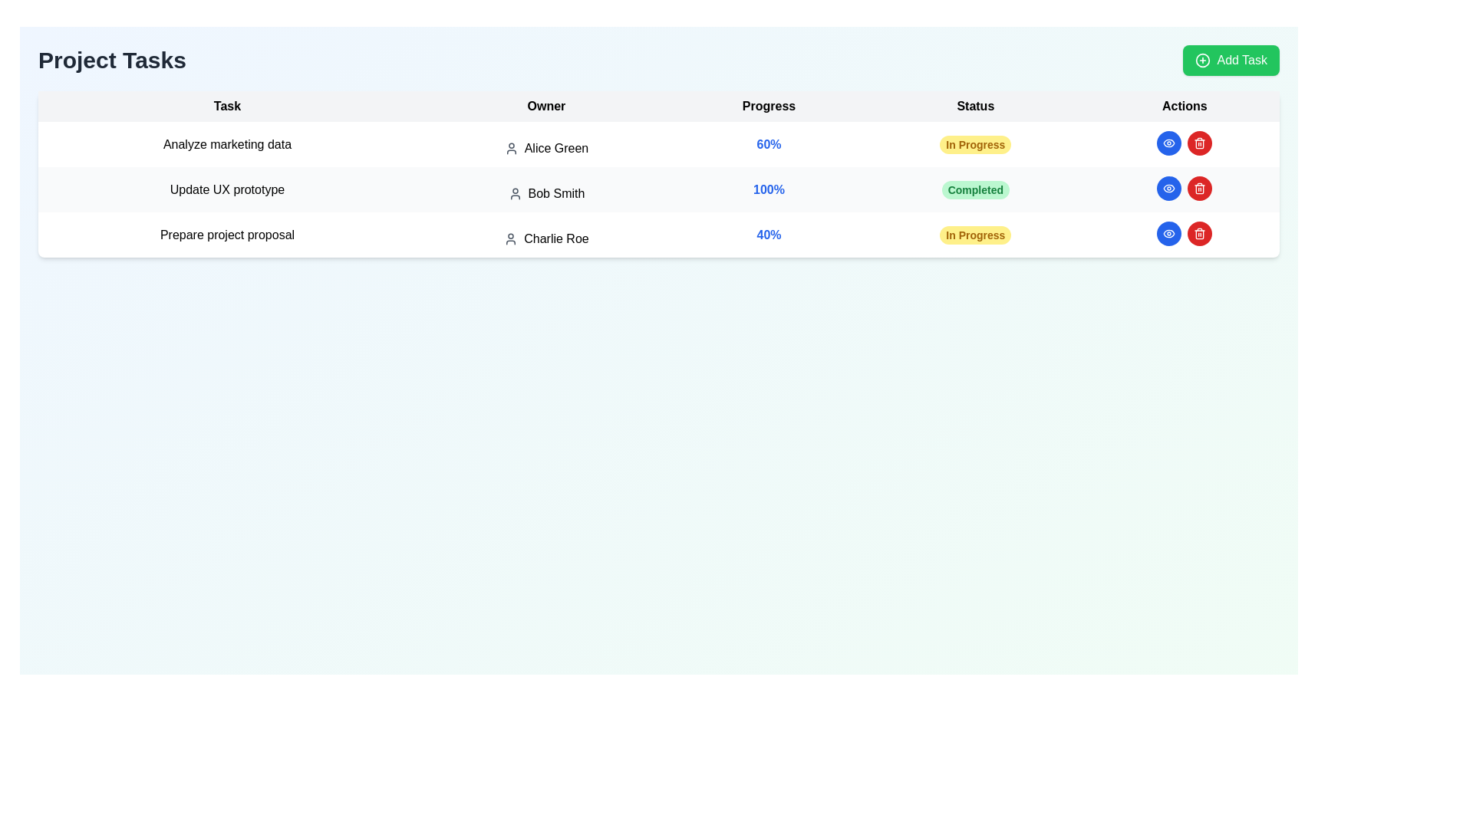  Describe the element at coordinates (769, 235) in the screenshot. I see `progression information displayed in the Progress indicator showing '40%' in bold blue font, located in the third row of the table under the 'Progress' column` at that location.